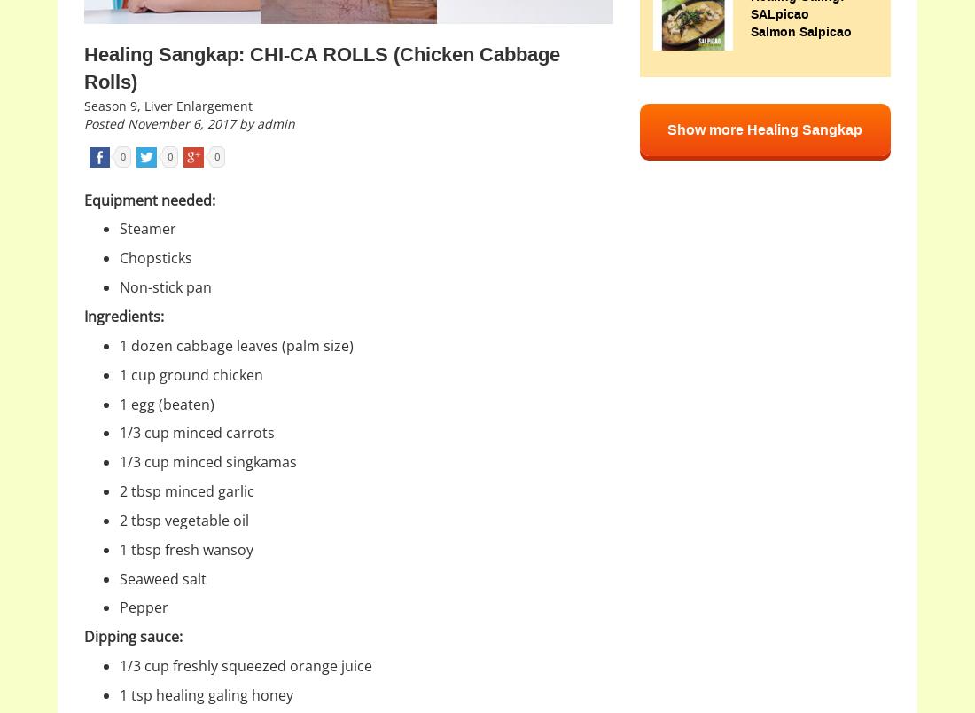 This screenshot has height=713, width=975. What do you see at coordinates (322, 67) in the screenshot?
I see `'Healing Sangkap: CHI-CA ROLLS (Chicken Cabbage Rolls)'` at bounding box center [322, 67].